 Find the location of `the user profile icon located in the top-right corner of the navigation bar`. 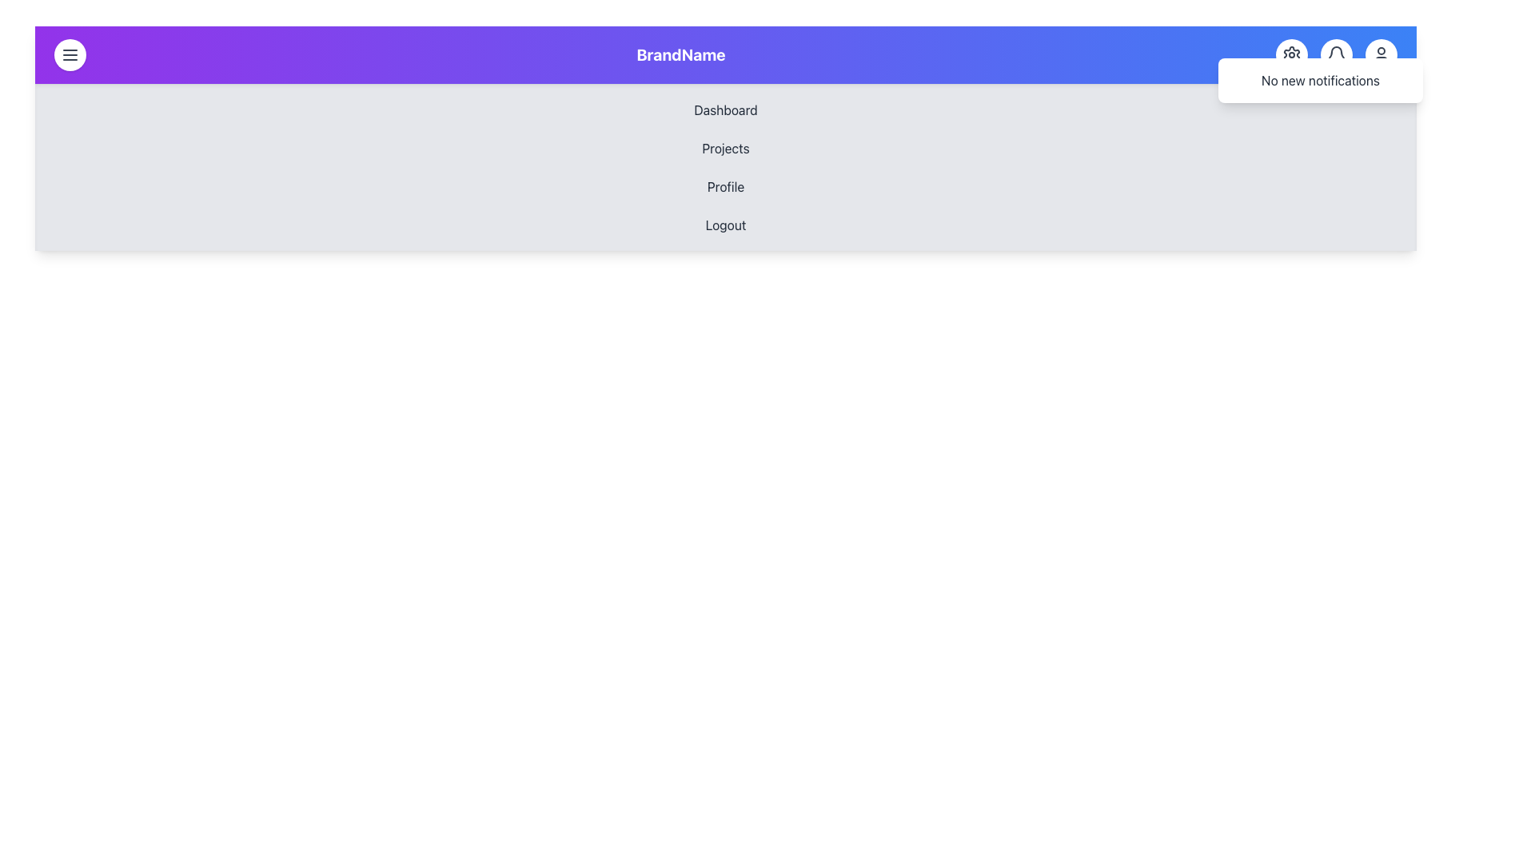

the user profile icon located in the top-right corner of the navigation bar is located at coordinates (1381, 54).